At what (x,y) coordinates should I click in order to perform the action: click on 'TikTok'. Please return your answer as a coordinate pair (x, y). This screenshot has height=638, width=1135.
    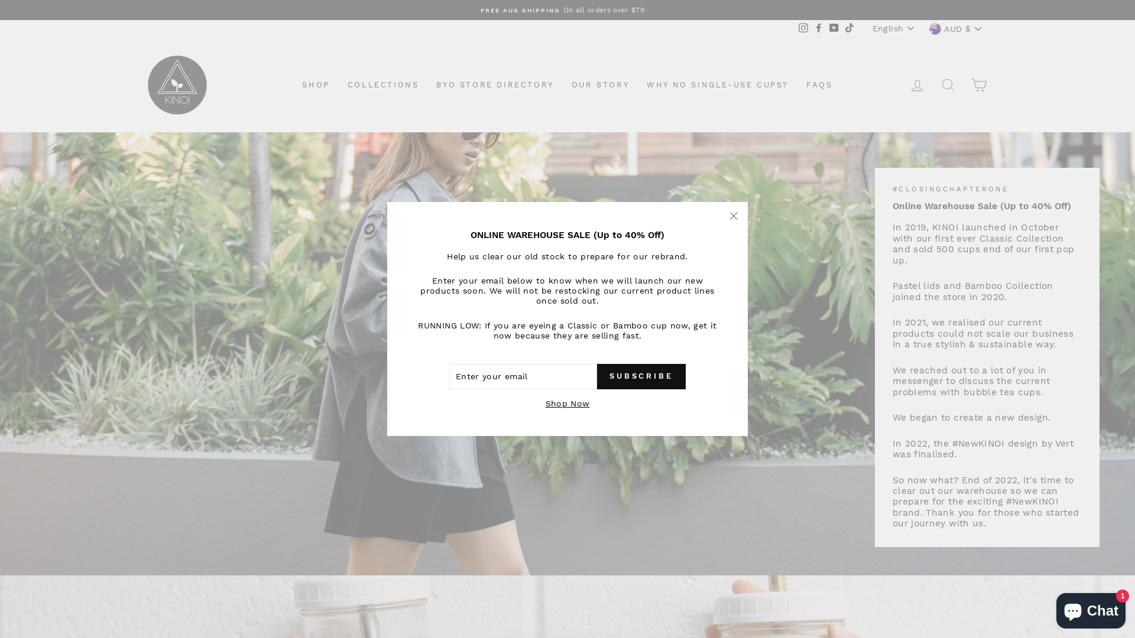
    Looking at the image, I should click on (848, 28).